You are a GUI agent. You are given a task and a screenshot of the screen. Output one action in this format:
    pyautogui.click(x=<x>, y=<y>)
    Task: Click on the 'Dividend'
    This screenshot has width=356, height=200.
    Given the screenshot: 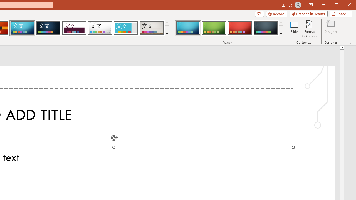 What is the action you would take?
    pyautogui.click(x=74, y=28)
    